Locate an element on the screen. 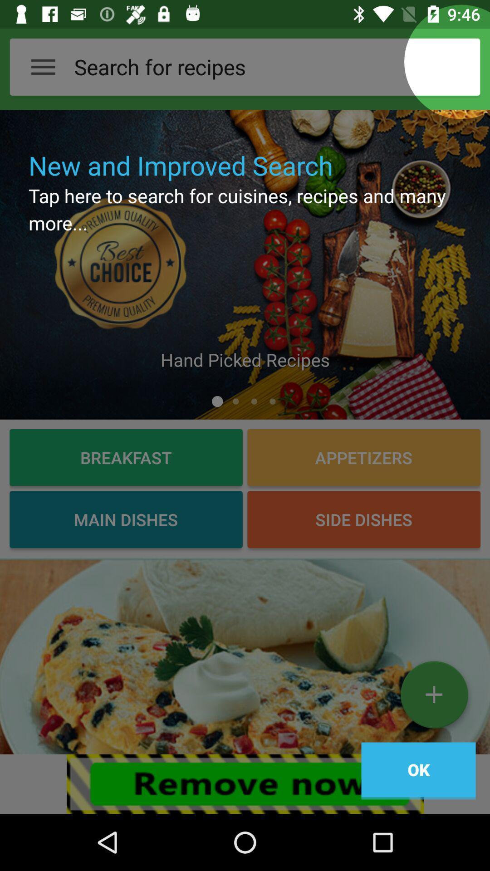  picture is located at coordinates (245, 656).